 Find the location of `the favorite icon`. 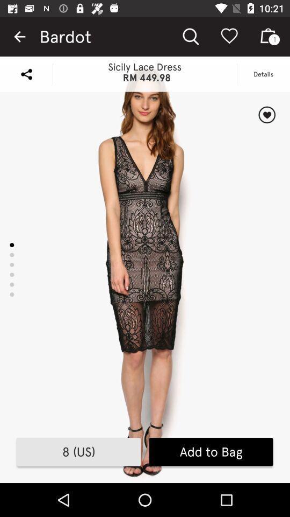

the favorite icon is located at coordinates (266, 115).